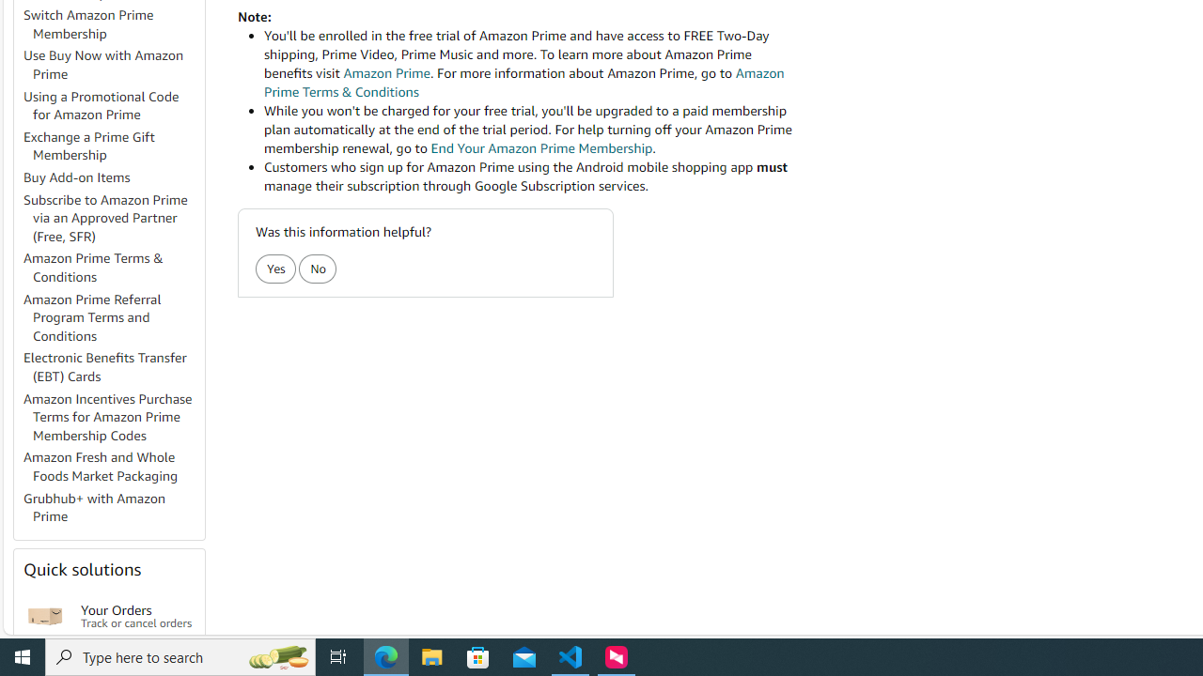 The height and width of the screenshot is (676, 1203). What do you see at coordinates (385, 72) in the screenshot?
I see `'Amazon Prime'` at bounding box center [385, 72].